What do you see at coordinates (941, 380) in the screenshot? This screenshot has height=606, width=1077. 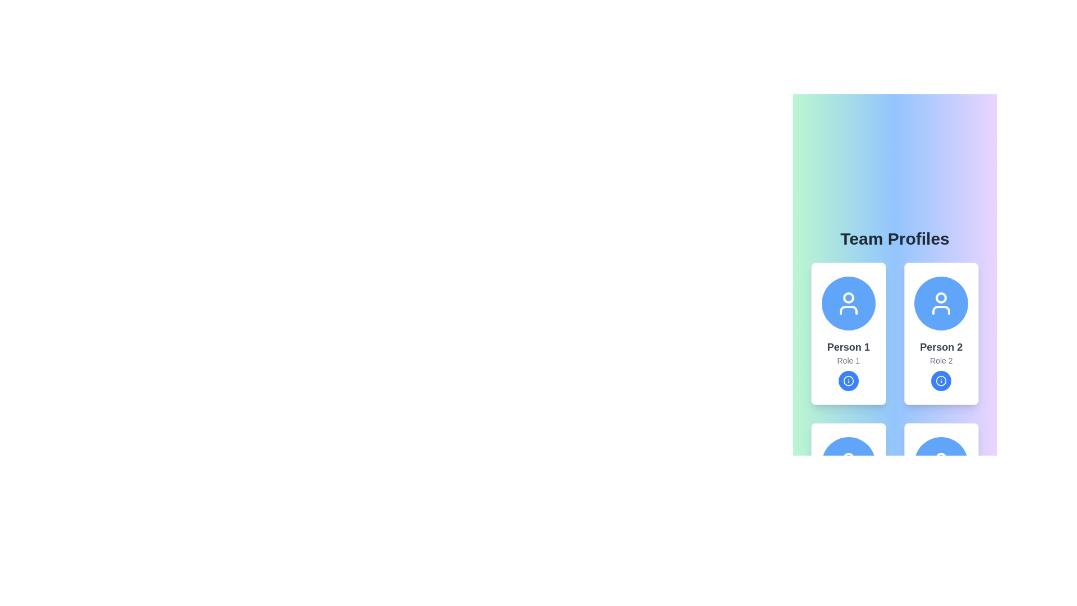 I see `the icon located at the bottom of the second card in the second column of the 'Team Profiles' grid, below the text 'Person 2 Role 2'` at bounding box center [941, 380].